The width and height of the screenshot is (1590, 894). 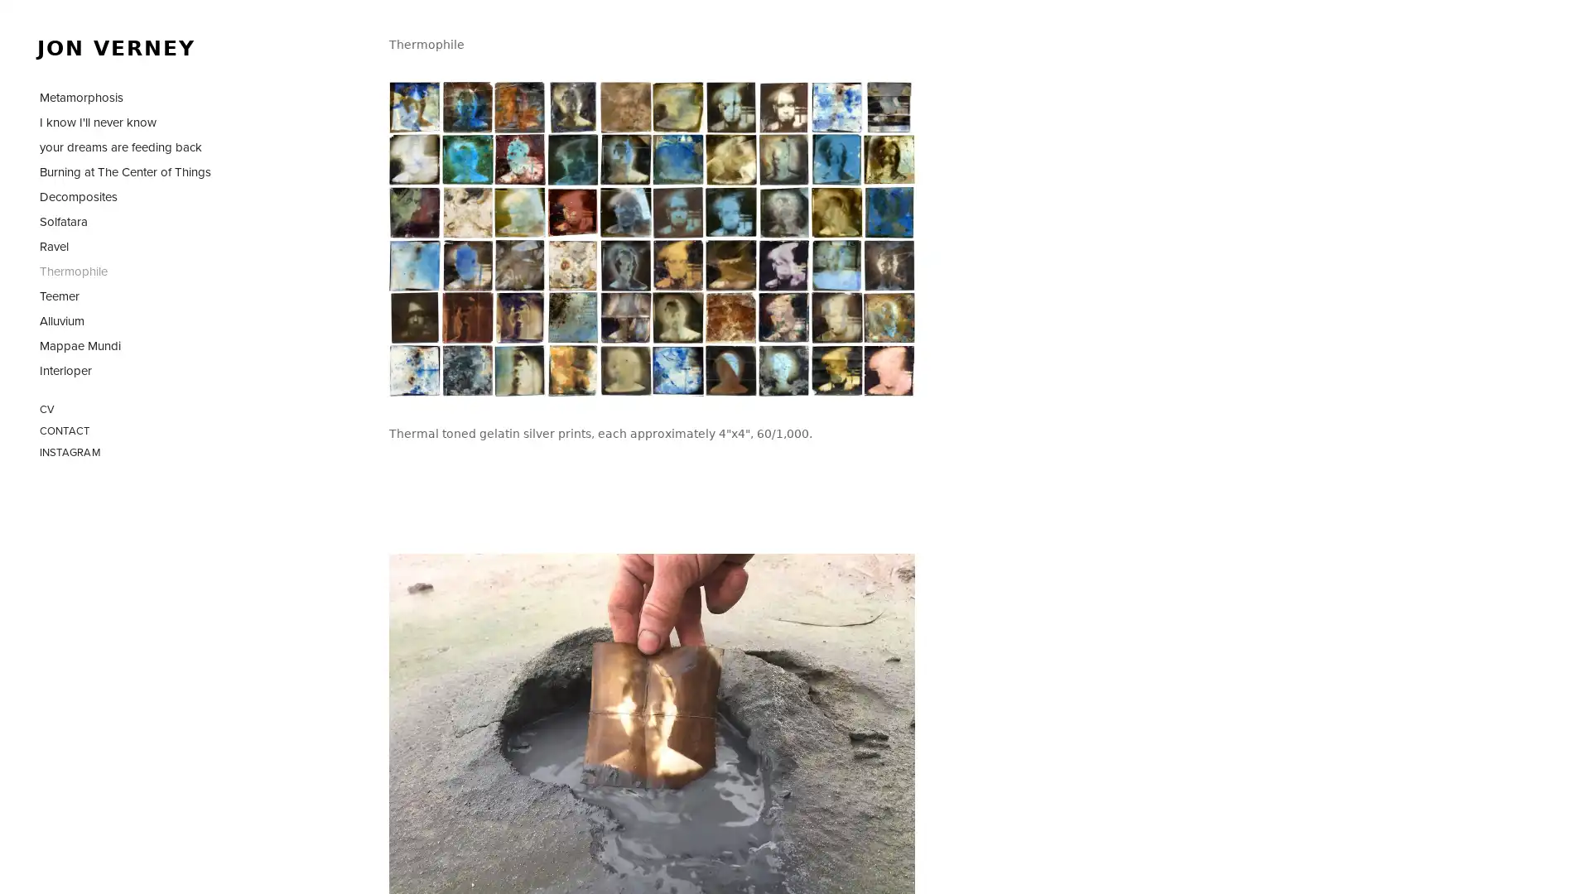 What do you see at coordinates (782, 210) in the screenshot?
I see `View fullsize jon_verney_thermophile_41.jpg` at bounding box center [782, 210].